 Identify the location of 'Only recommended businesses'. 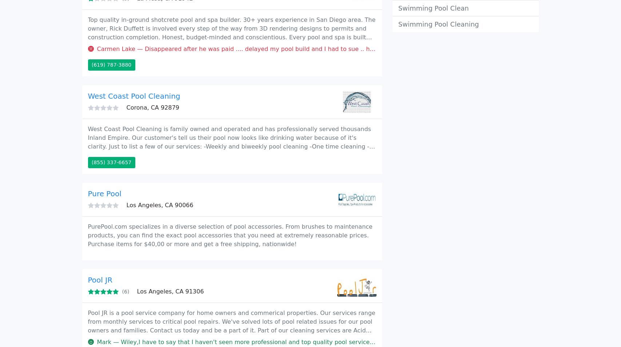
(125, 44).